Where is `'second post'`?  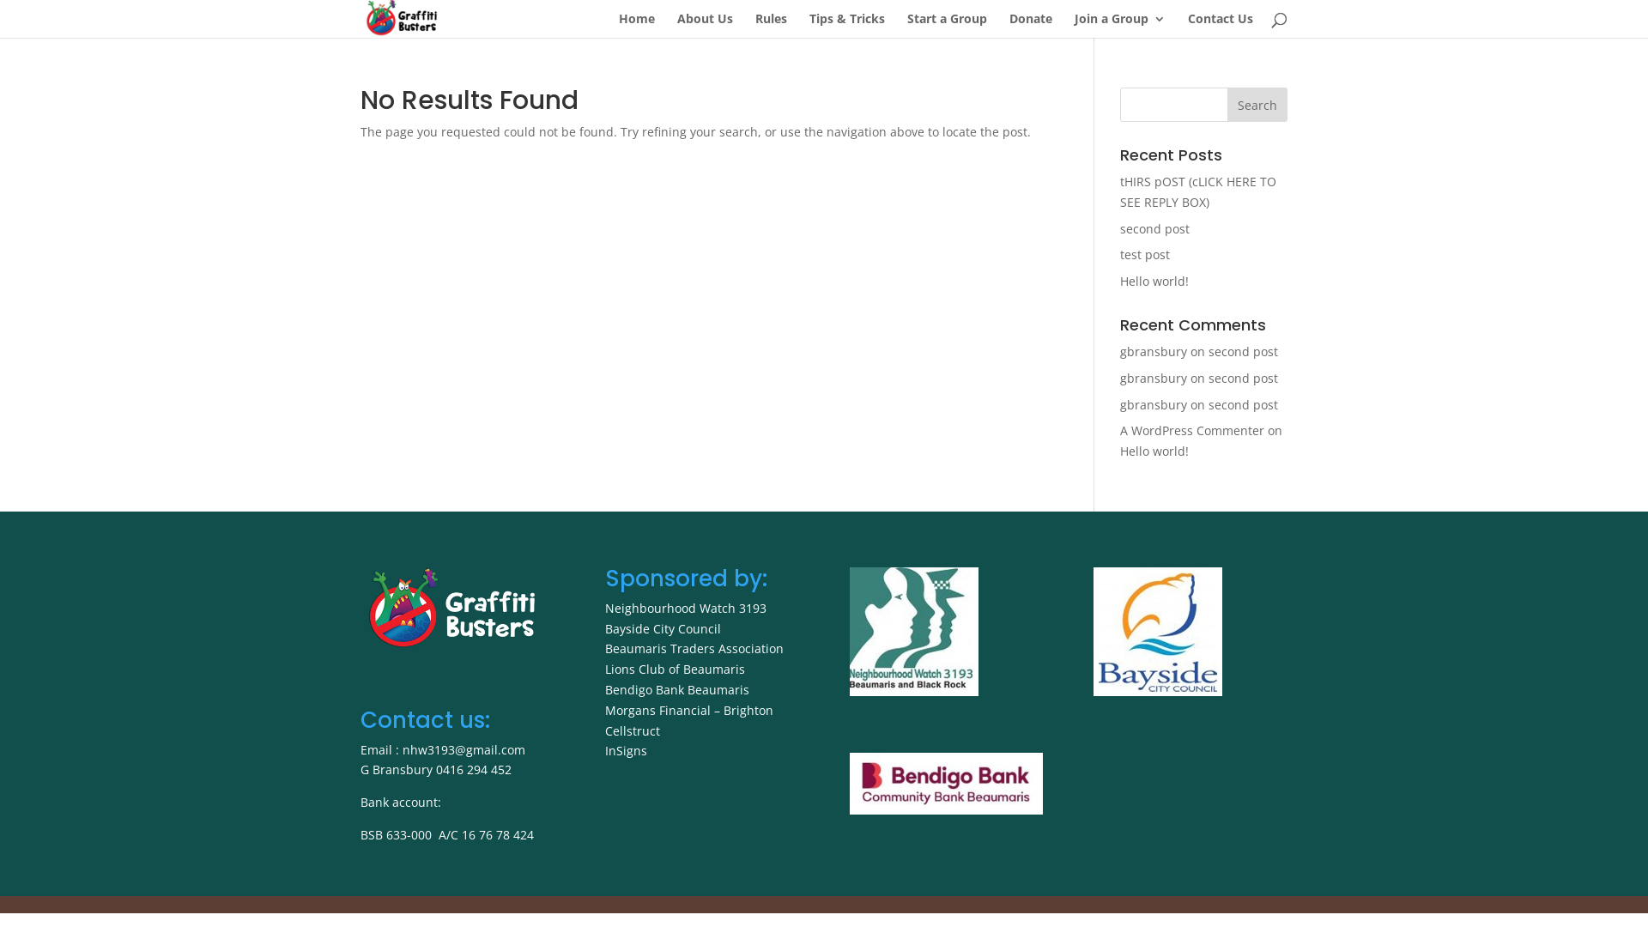
'second post' is located at coordinates (1243, 377).